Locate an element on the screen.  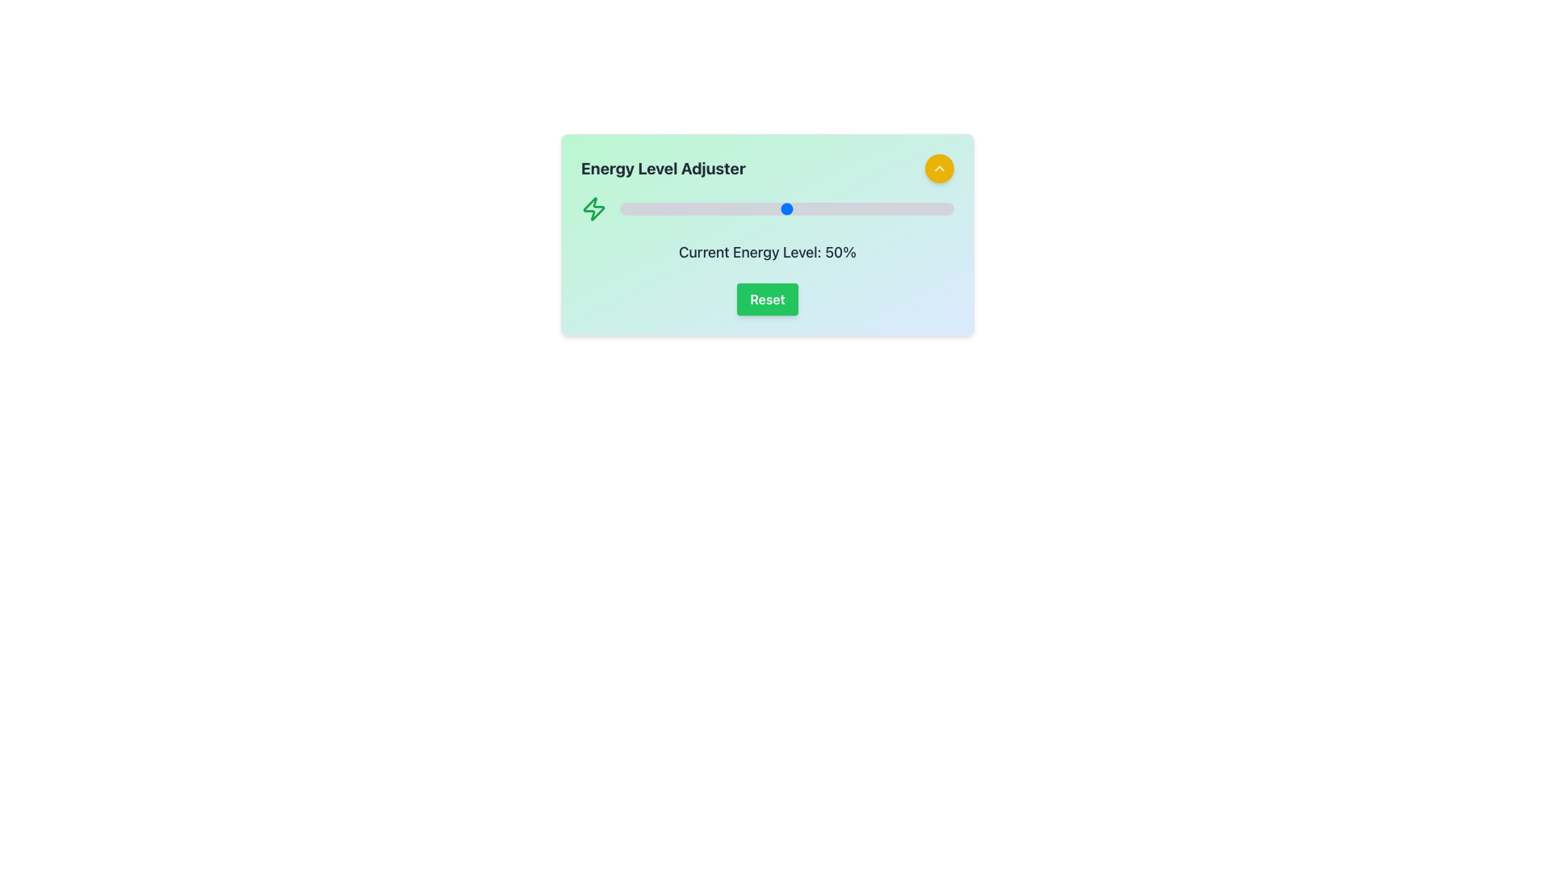
energy level is located at coordinates (626, 208).